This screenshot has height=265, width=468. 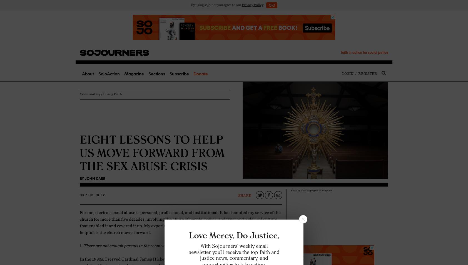 I want to click on 'Sections', so click(x=156, y=73).